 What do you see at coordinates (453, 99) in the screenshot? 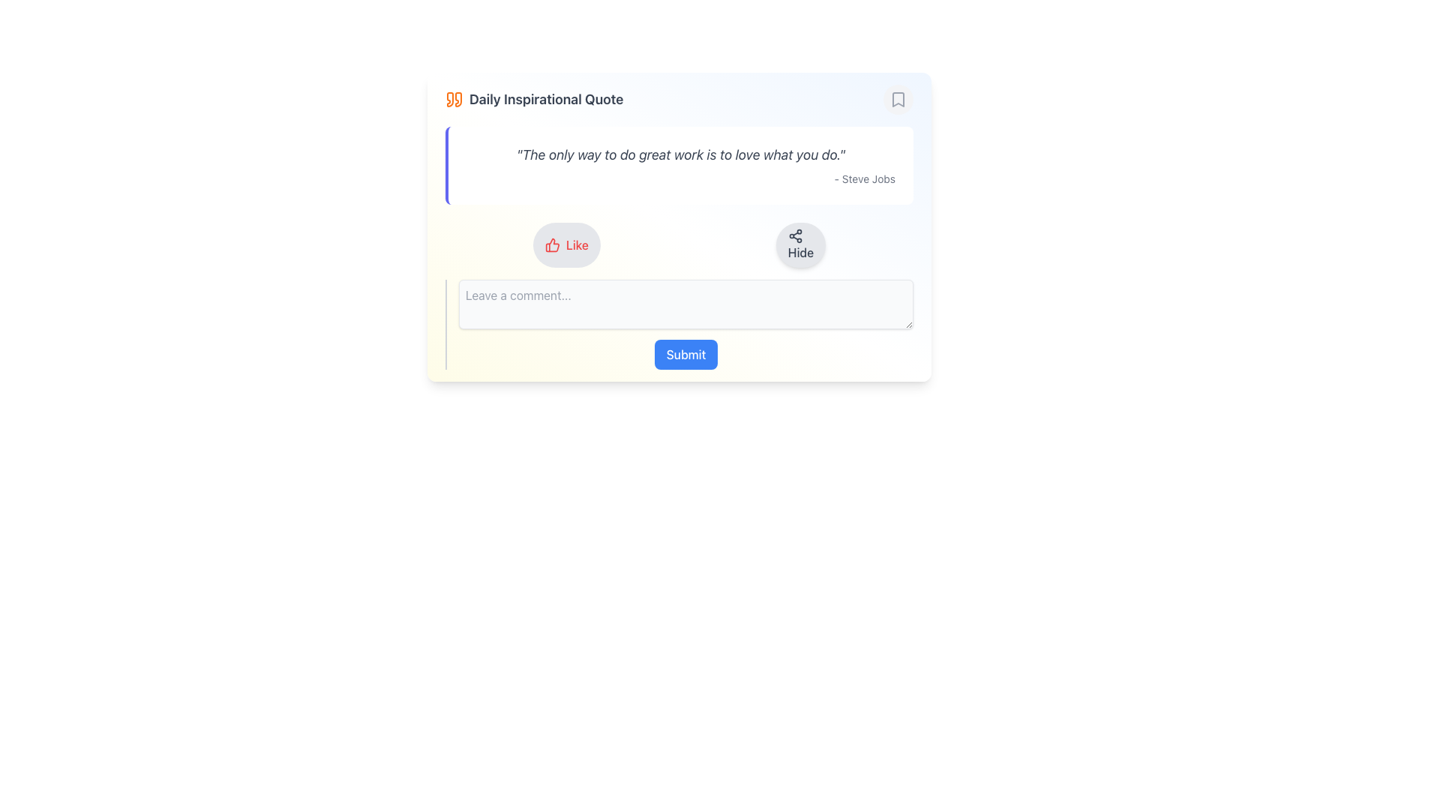
I see `the decorative icon located at the left edge of the title section preceding the text 'Daily Inspirational Quote'` at bounding box center [453, 99].